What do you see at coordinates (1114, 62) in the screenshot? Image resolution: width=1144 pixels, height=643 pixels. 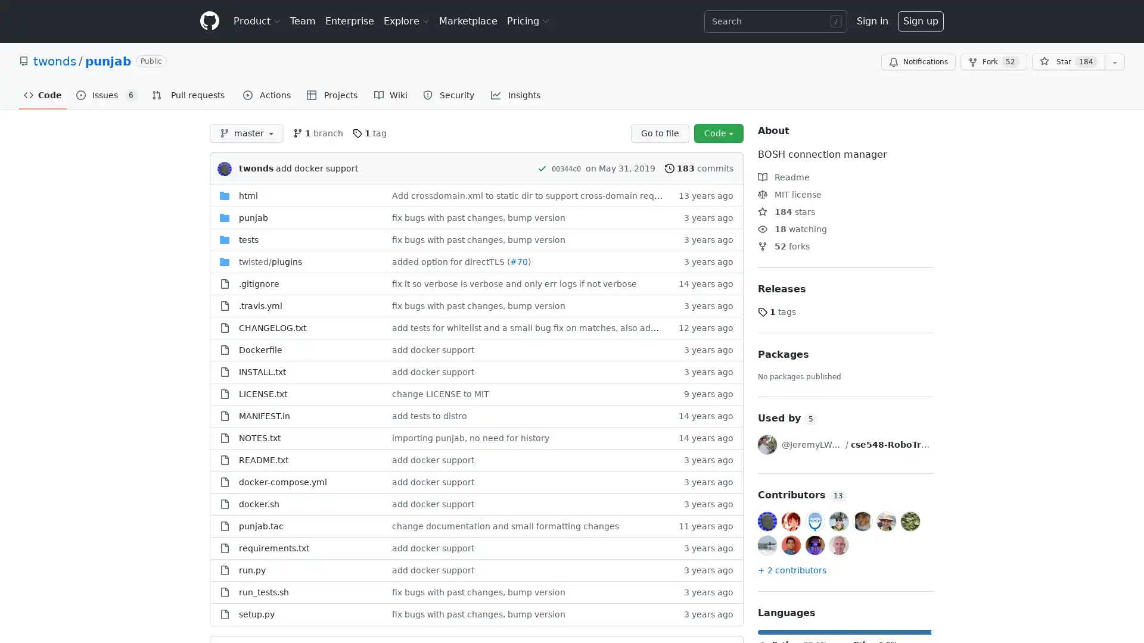 I see `You must be signed in to add this repository to a list` at bounding box center [1114, 62].